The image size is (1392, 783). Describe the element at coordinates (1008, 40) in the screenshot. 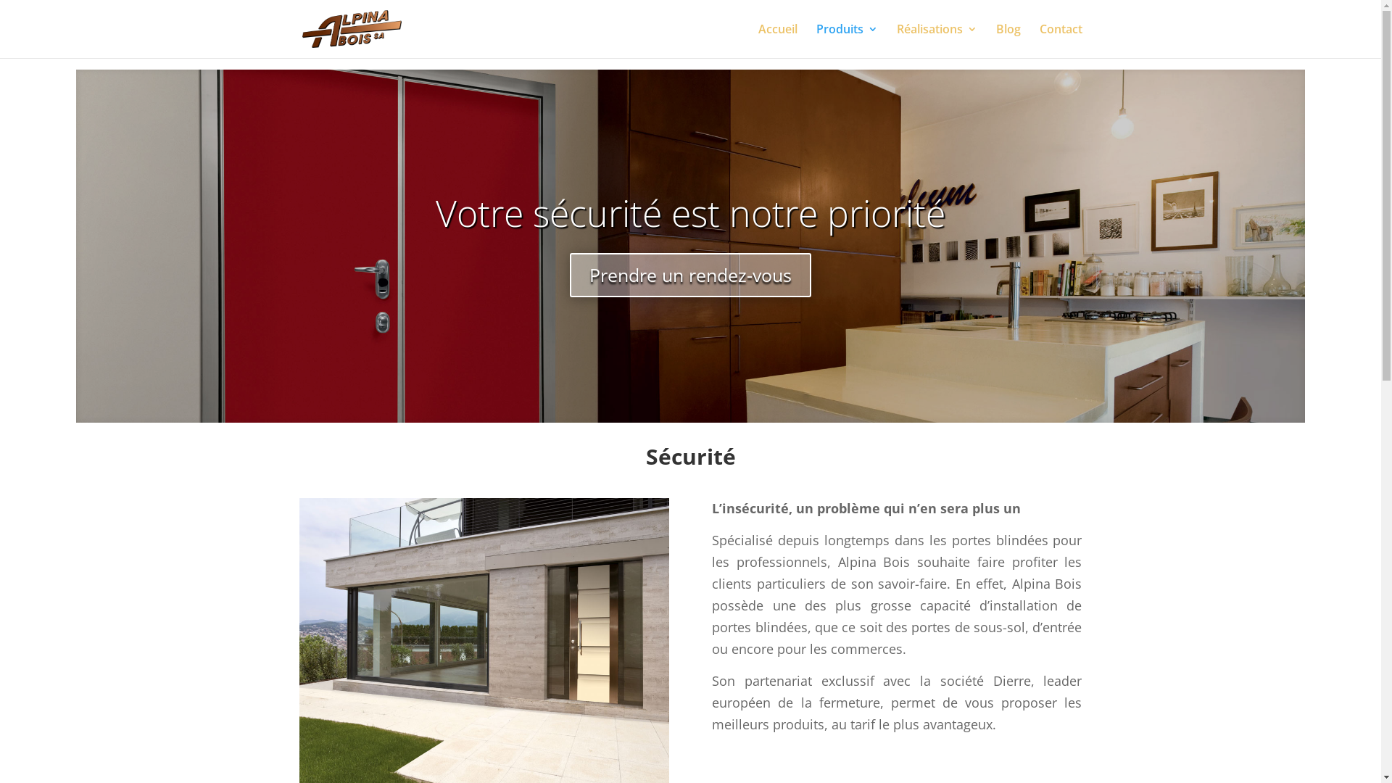

I see `'Blog'` at that location.